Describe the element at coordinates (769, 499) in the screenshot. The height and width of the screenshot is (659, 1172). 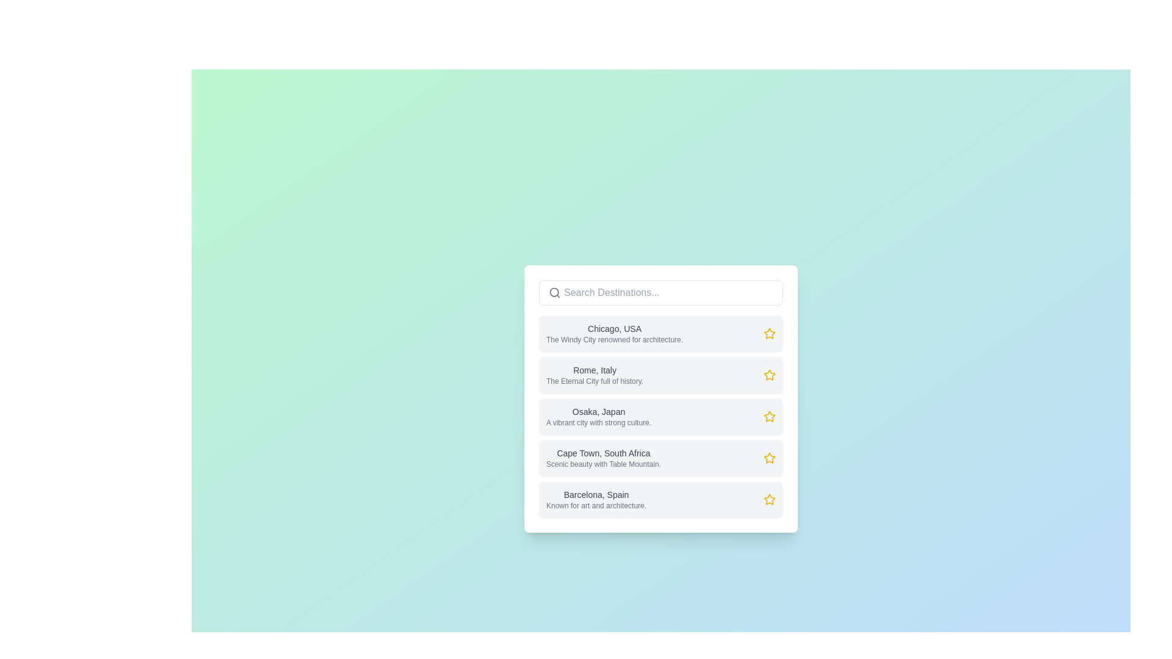
I see `the yellow star icon located at the far right of the text 'Barcelona, Spain'` at that location.